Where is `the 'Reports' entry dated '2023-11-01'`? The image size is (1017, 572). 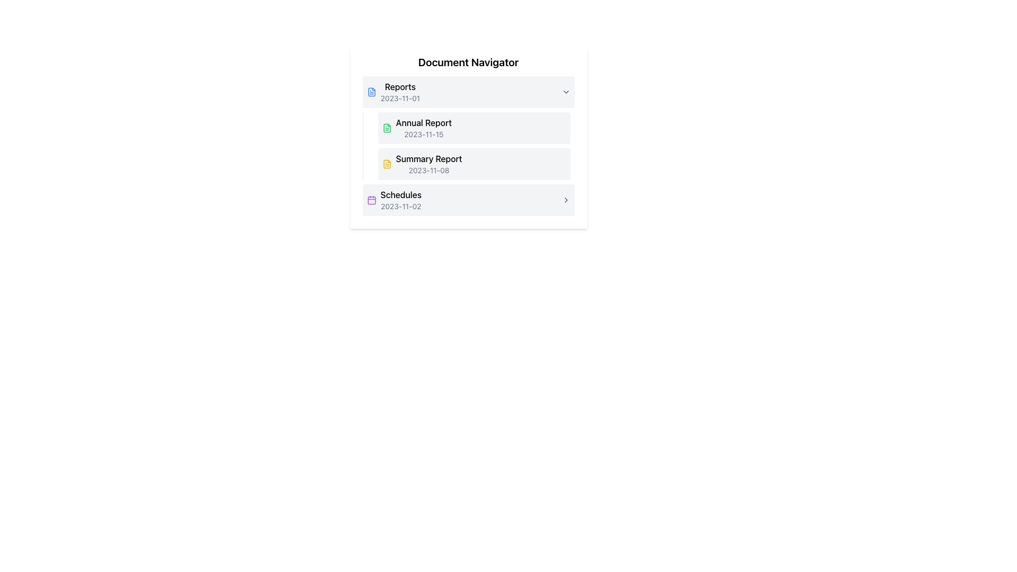 the 'Reports' entry dated '2023-11-01' is located at coordinates (468, 91).